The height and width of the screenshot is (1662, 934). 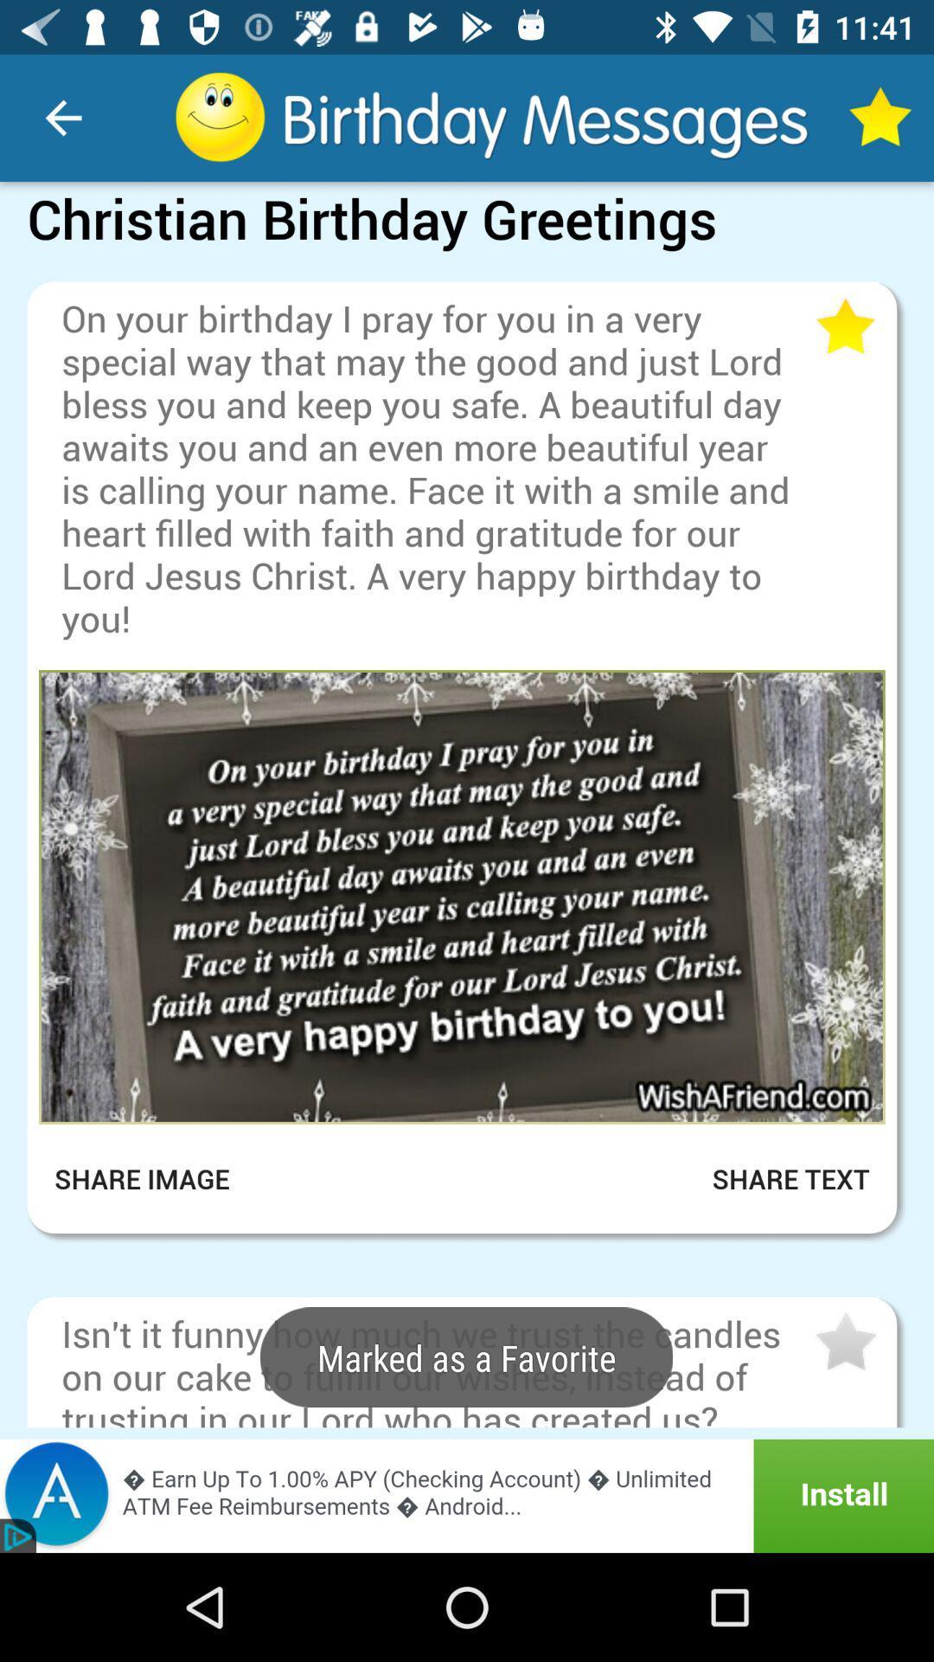 What do you see at coordinates (62, 117) in the screenshot?
I see `item at the top left corner` at bounding box center [62, 117].